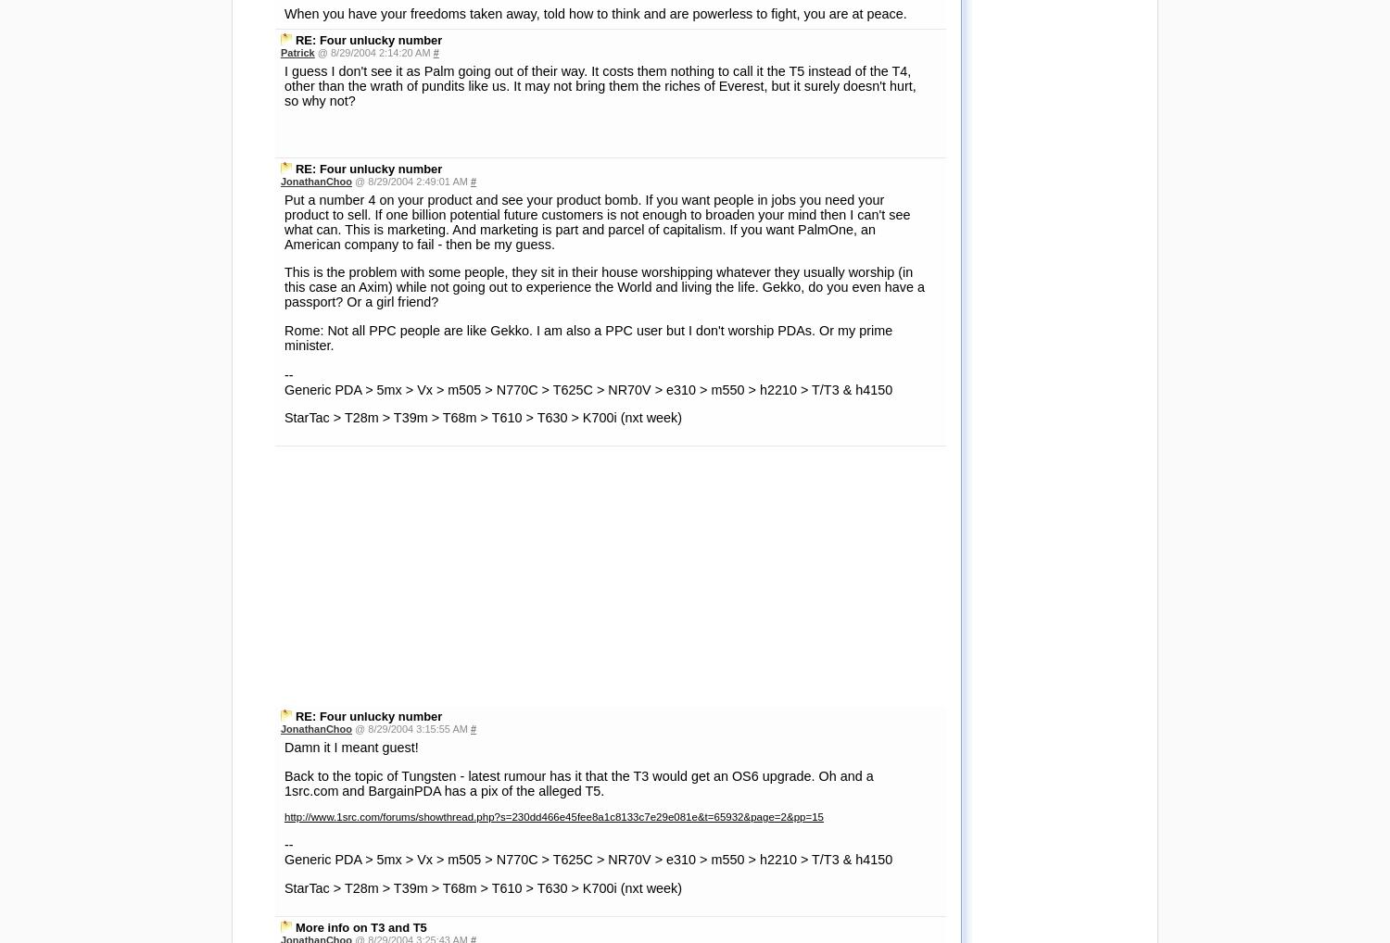  Describe the element at coordinates (360, 408) in the screenshot. I see `'More info on T3 and T5'` at that location.